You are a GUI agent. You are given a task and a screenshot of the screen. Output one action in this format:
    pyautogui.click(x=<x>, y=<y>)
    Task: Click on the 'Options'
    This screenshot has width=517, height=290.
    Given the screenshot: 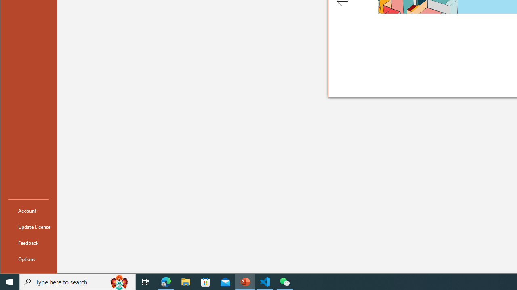 What is the action you would take?
    pyautogui.click(x=29, y=259)
    